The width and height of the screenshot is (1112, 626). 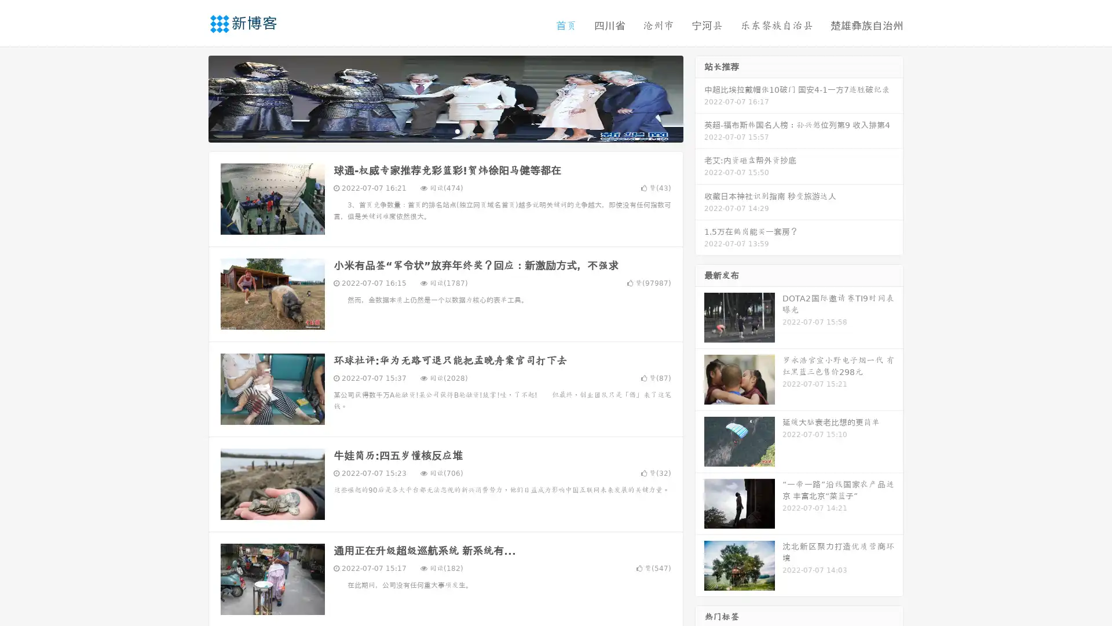 What do you see at coordinates (700, 97) in the screenshot?
I see `Next slide` at bounding box center [700, 97].